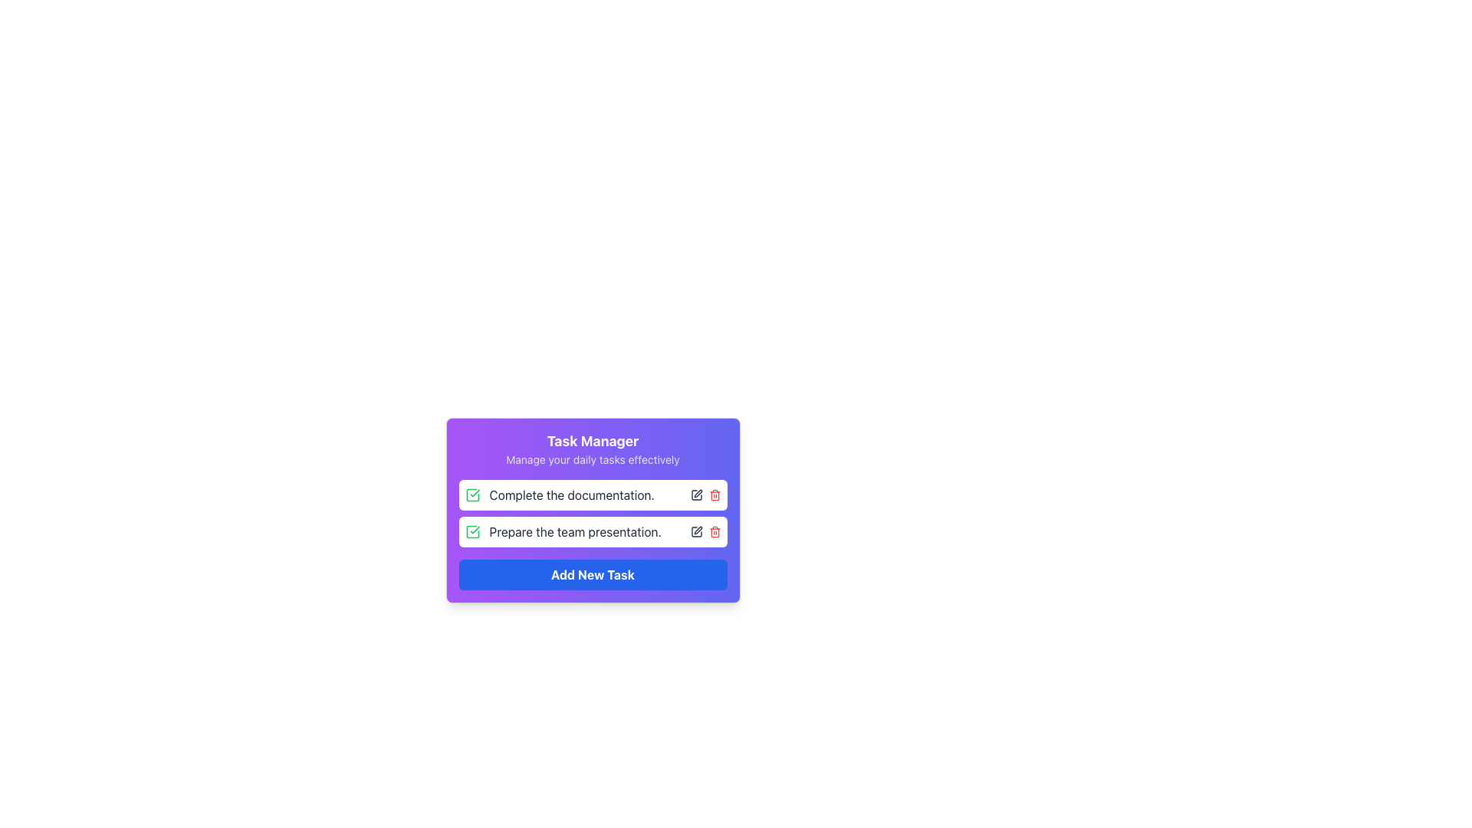 This screenshot has width=1472, height=828. What do you see at coordinates (571, 495) in the screenshot?
I see `task description text in the middle section of the task manager interface, specifically within the first task row, where it serves as the main description for the task entry` at bounding box center [571, 495].